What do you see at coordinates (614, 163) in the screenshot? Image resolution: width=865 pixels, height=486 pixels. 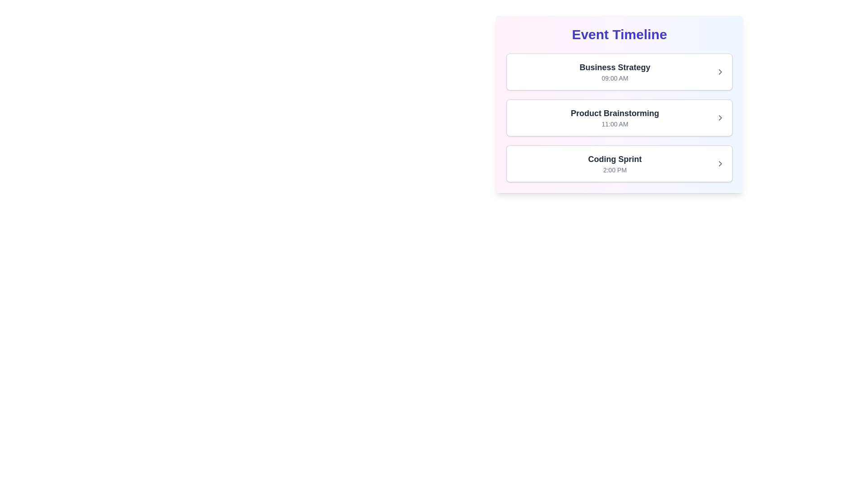 I see `the third List Item in the Event Timeline` at bounding box center [614, 163].